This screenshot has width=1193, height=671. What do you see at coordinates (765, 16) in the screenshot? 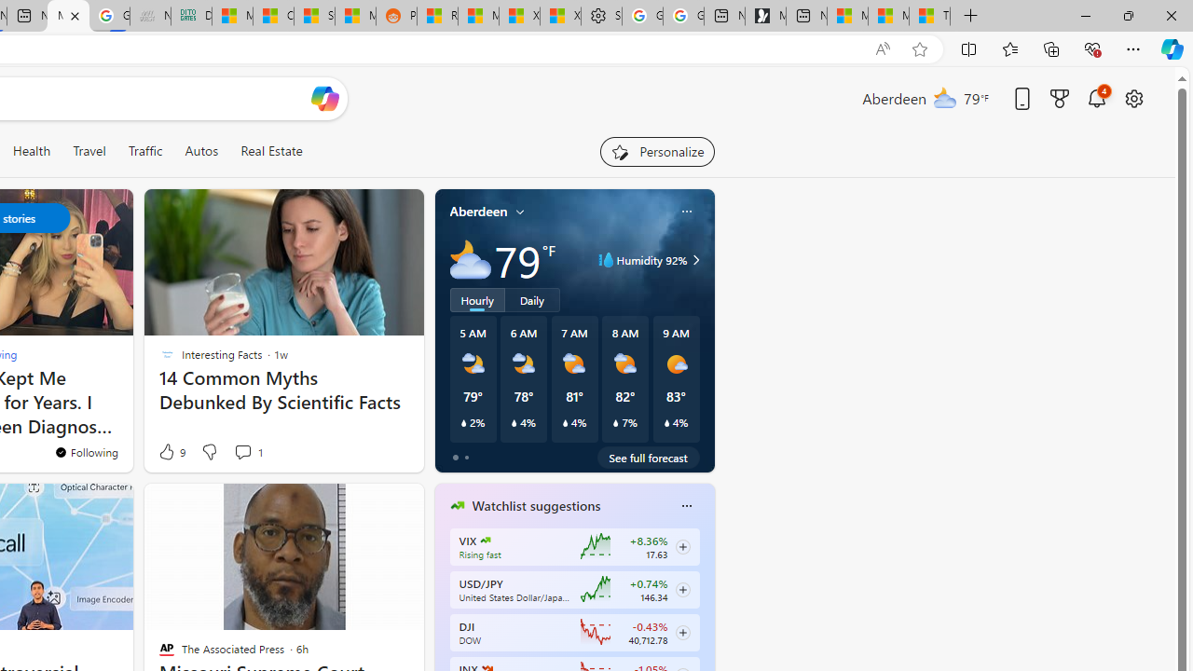
I see `'Microsoft Start Gaming'` at bounding box center [765, 16].